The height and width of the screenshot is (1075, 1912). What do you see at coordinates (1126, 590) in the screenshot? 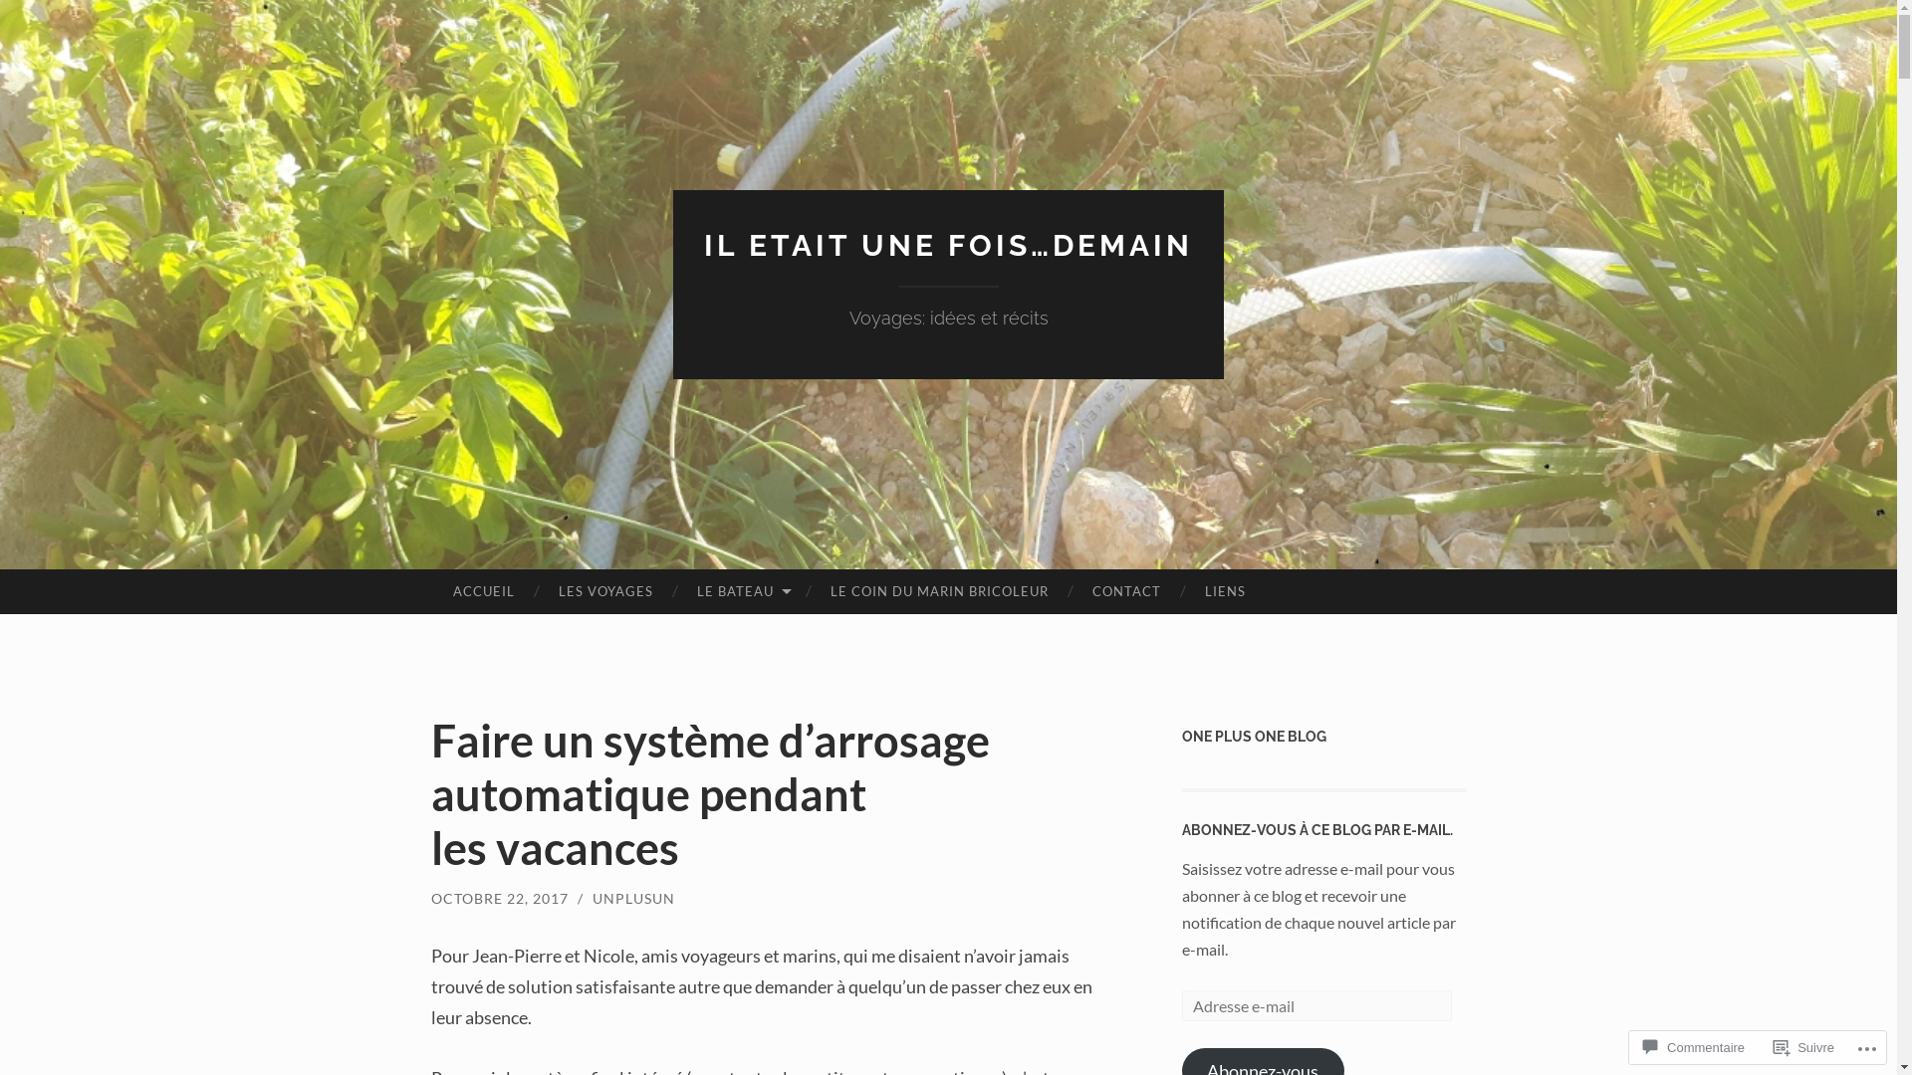
I see `'CONTACT'` at bounding box center [1126, 590].